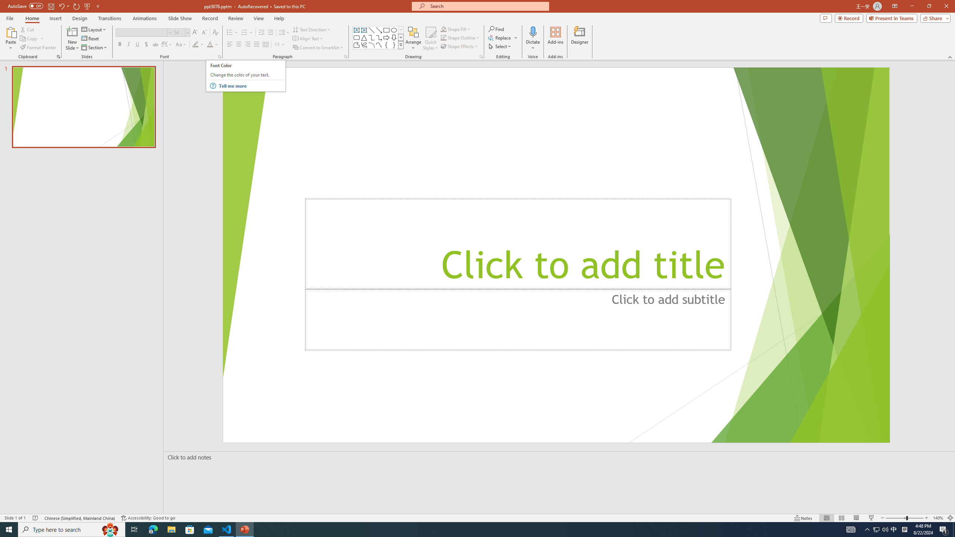  Describe the element at coordinates (229, 32) in the screenshot. I see `'Bullets'` at that location.